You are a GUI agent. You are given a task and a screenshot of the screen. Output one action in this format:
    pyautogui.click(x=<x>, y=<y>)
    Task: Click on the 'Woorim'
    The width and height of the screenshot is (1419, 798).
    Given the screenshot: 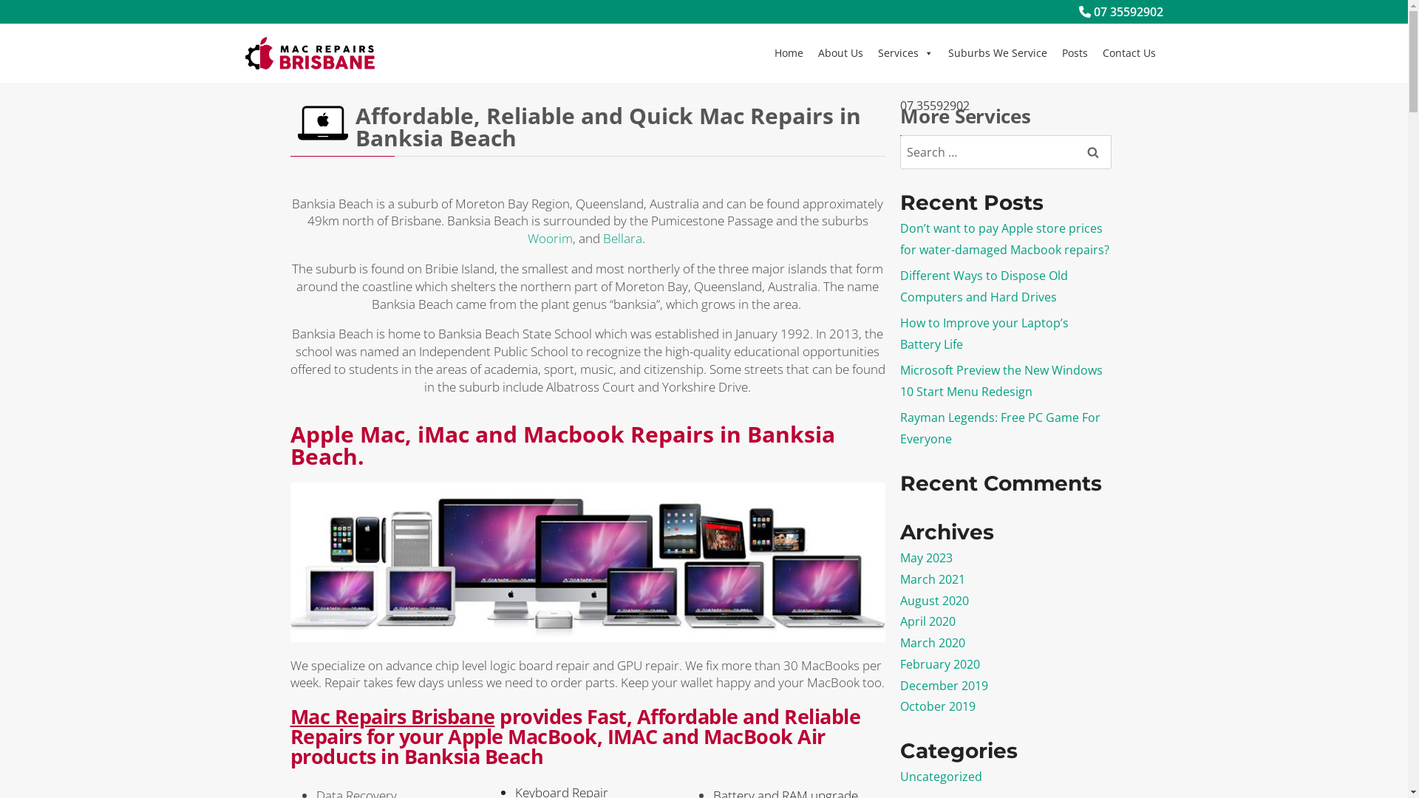 What is the action you would take?
    pyautogui.click(x=549, y=237)
    